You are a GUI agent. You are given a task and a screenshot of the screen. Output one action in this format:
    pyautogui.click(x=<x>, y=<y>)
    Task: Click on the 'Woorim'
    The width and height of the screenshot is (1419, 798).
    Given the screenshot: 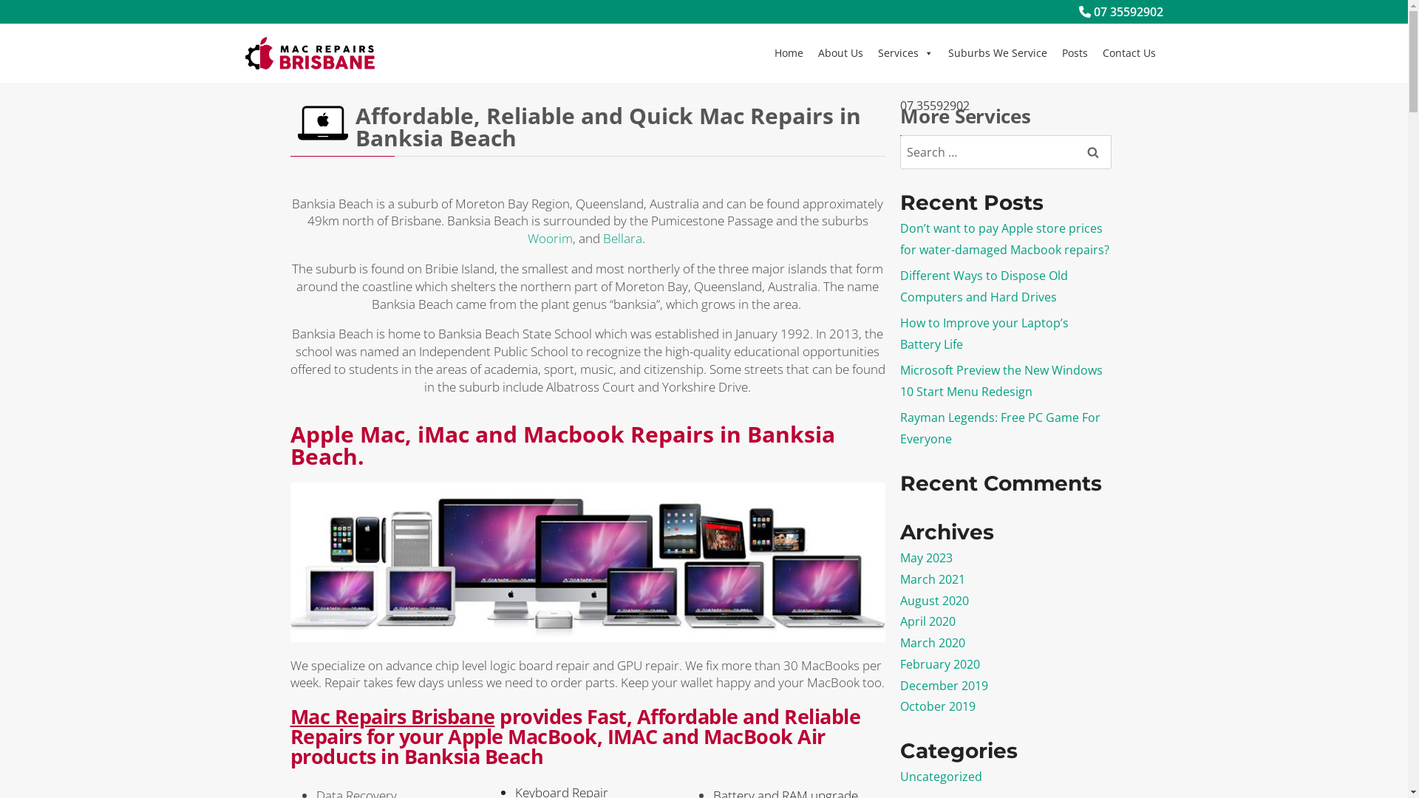 What is the action you would take?
    pyautogui.click(x=549, y=237)
    